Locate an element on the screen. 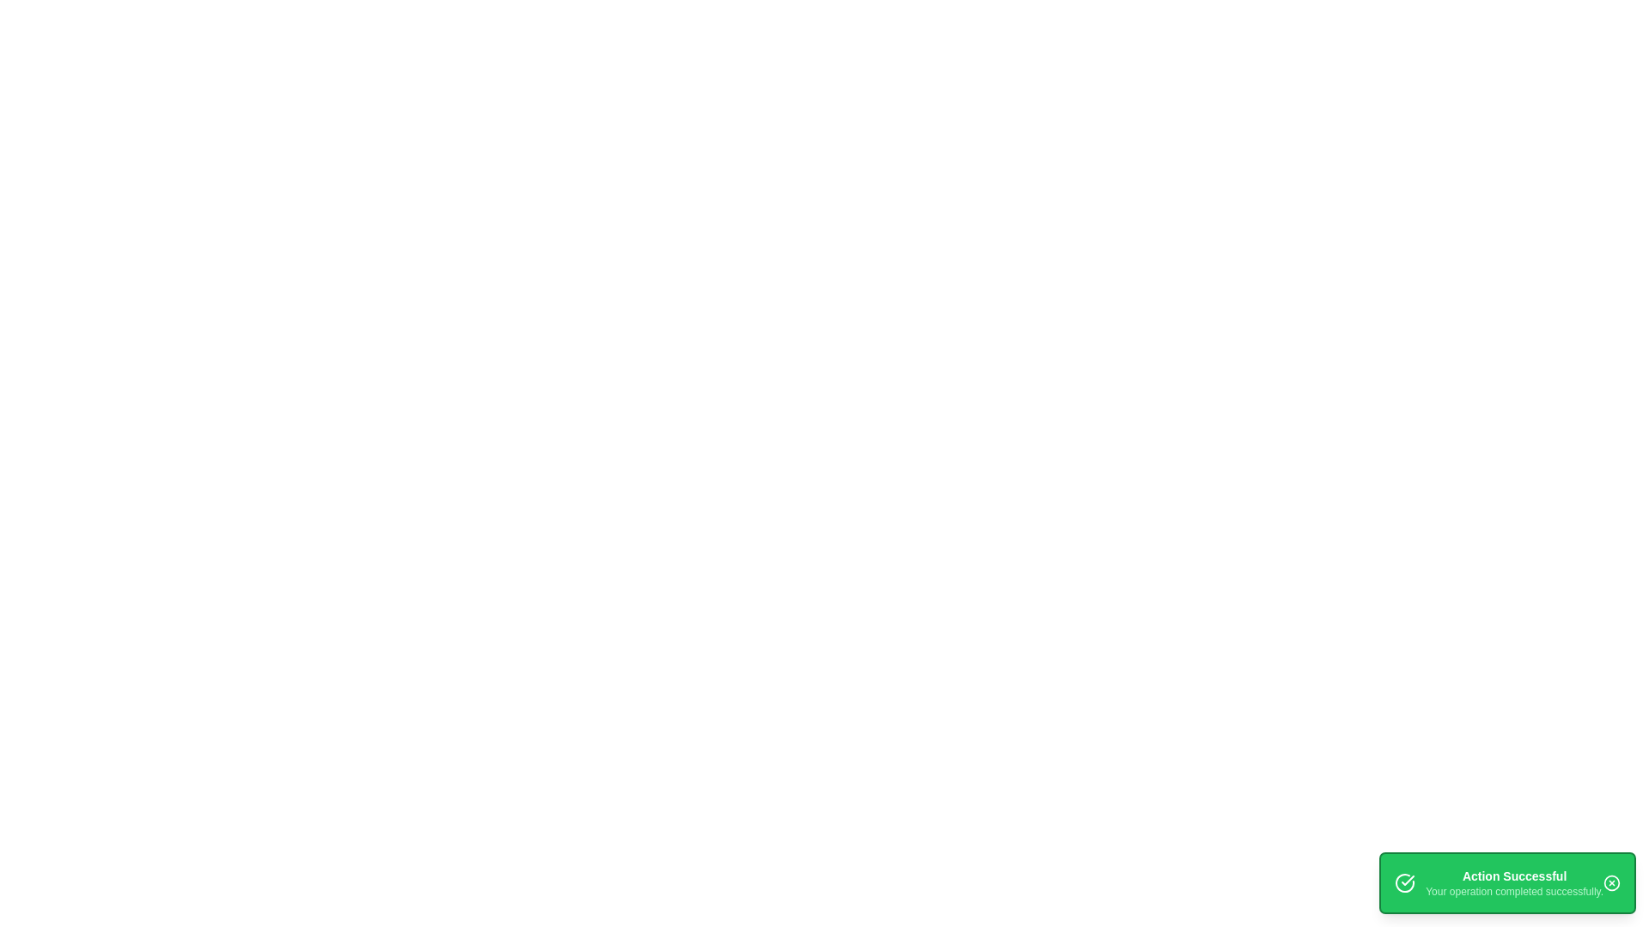 The height and width of the screenshot is (927, 1649). close button on the notification to dismiss it is located at coordinates (1610, 883).